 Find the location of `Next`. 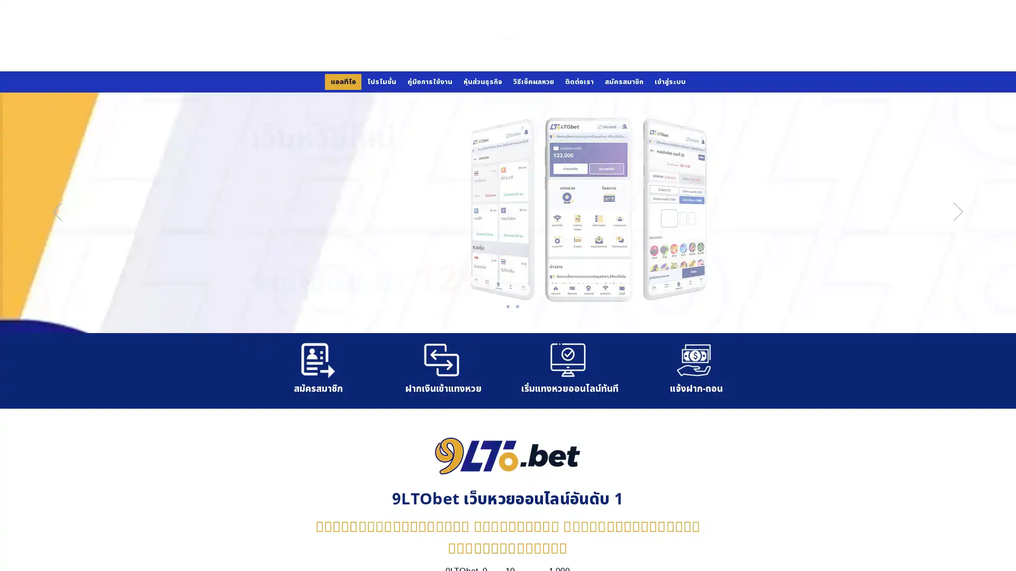

Next is located at coordinates (958, 212).